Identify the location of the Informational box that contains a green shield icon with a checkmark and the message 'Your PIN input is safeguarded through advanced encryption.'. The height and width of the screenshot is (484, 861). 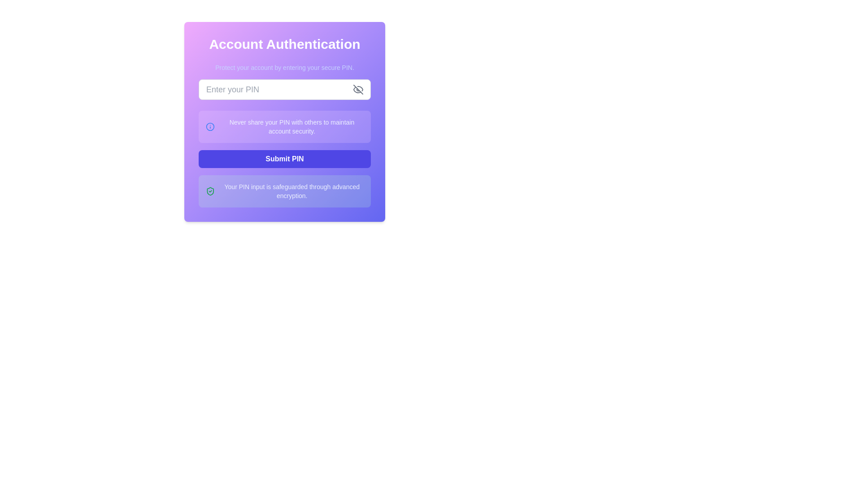
(284, 191).